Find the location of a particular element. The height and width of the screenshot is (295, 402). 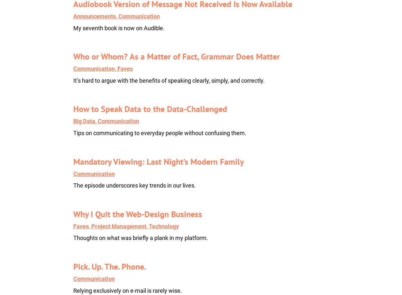

'Relying exclusively on e-mail is rarely wise.' is located at coordinates (127, 290).